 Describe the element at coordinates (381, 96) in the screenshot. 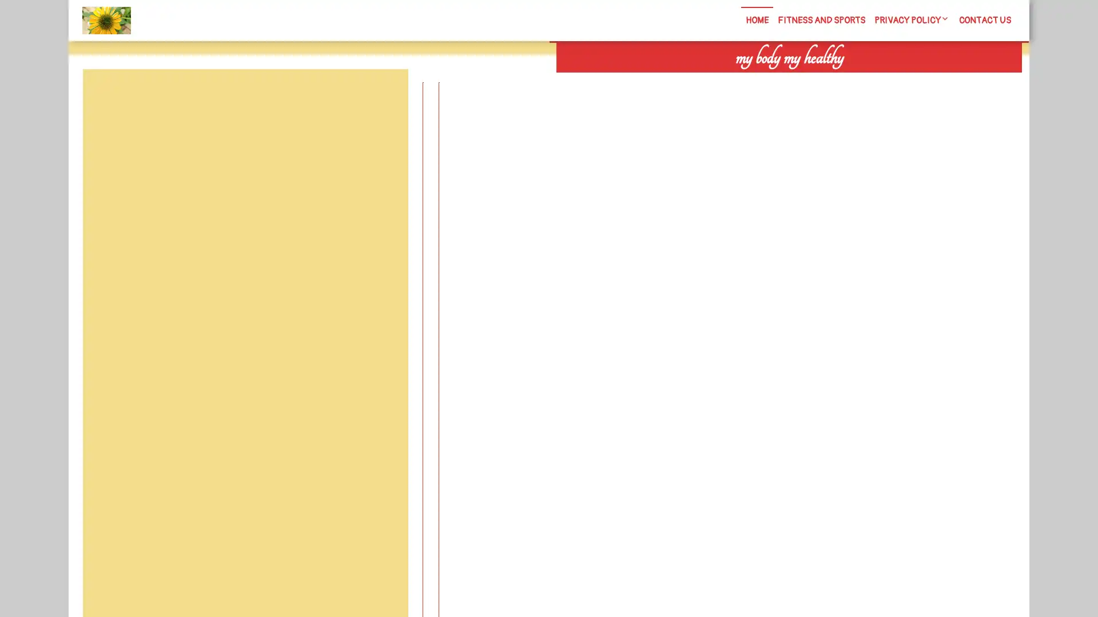

I see `Search` at that location.